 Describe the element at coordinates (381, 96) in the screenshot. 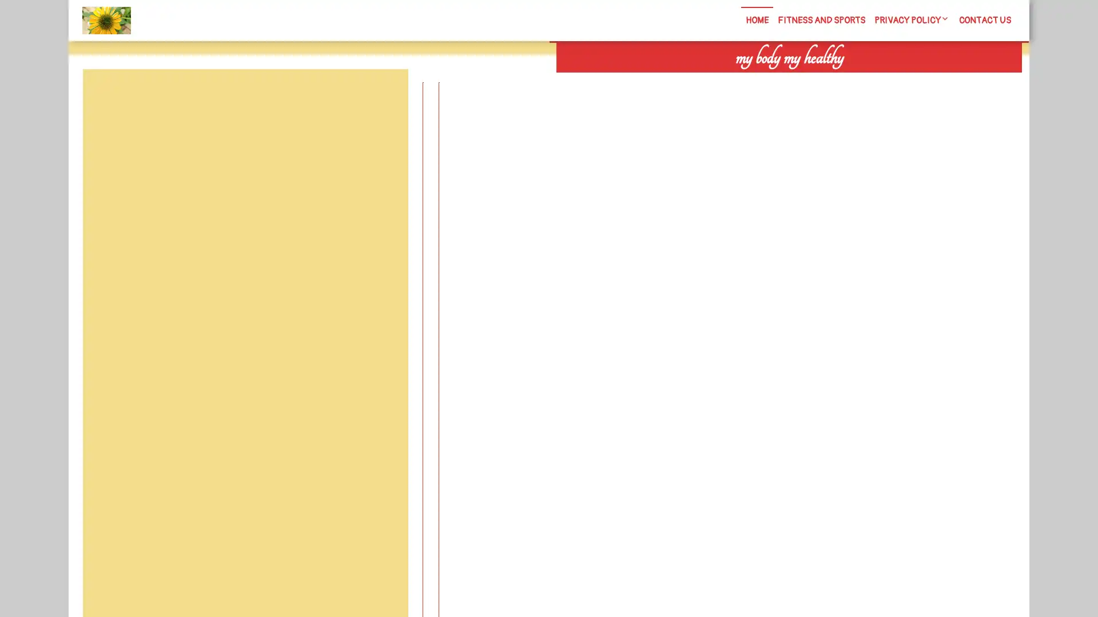

I see `Search` at that location.